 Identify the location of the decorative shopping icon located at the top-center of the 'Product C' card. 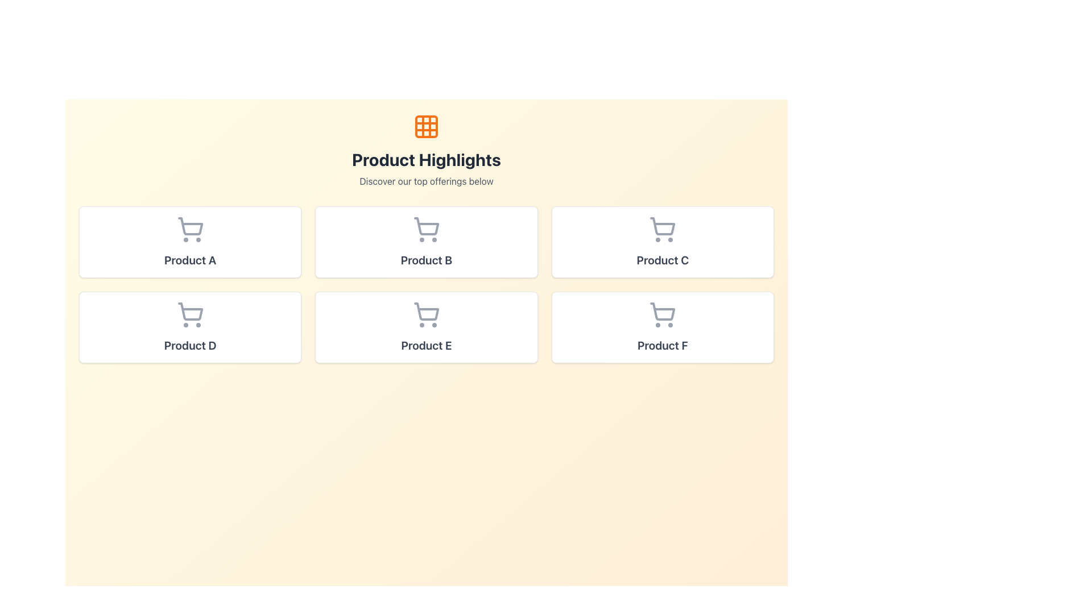
(663, 230).